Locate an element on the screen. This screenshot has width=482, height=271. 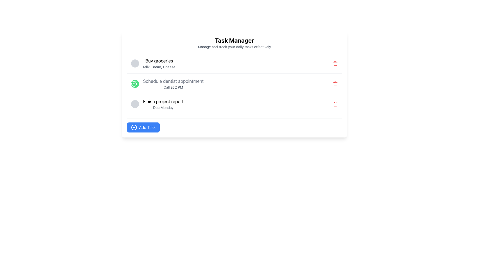
the circular icon featuring a plus sign, located to the left of the 'Add Task' button is located at coordinates (134, 127).